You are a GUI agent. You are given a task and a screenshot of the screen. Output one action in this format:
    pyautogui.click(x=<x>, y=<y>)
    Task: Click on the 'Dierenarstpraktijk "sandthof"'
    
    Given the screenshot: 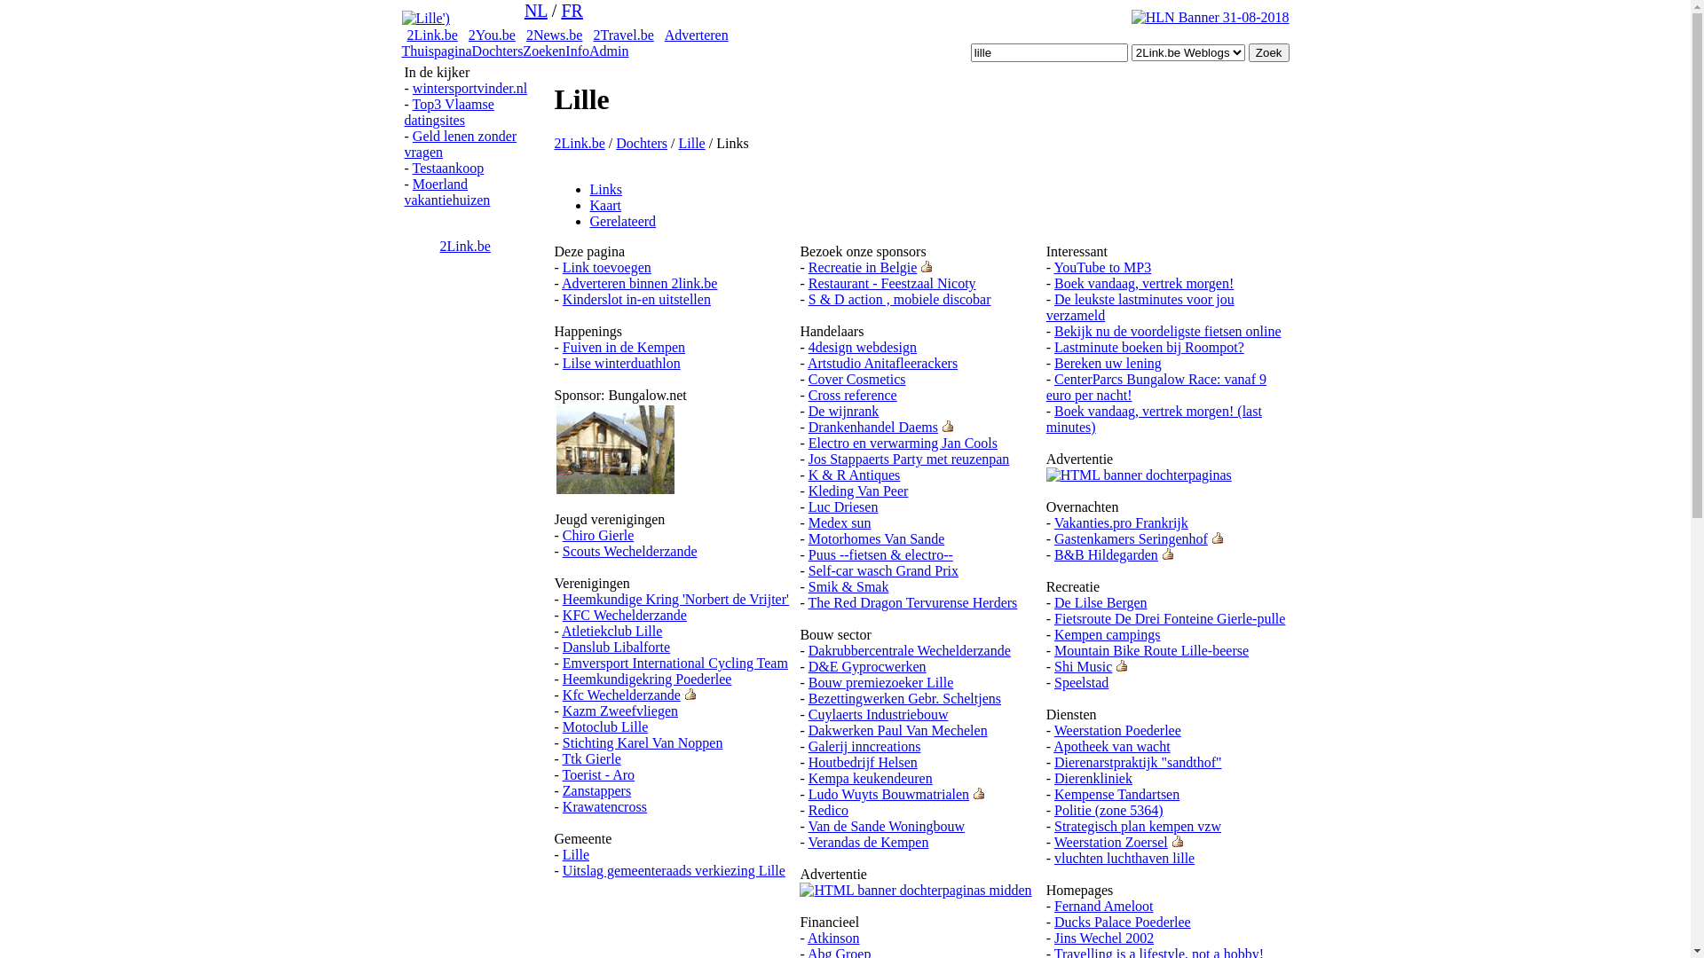 What is the action you would take?
    pyautogui.click(x=1138, y=761)
    